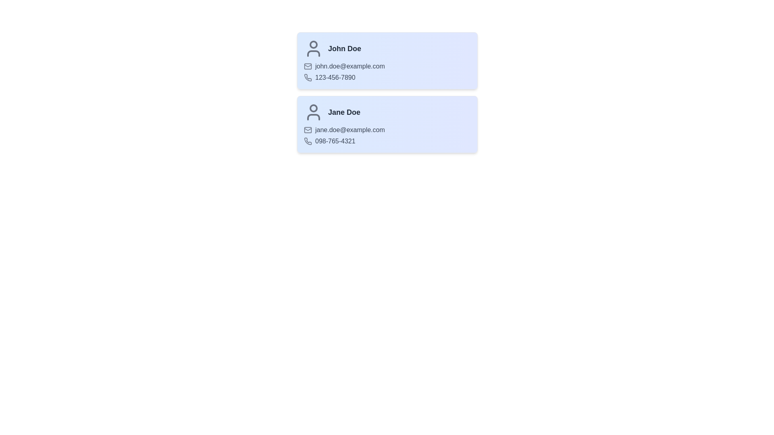  I want to click on the phone icon for Jane Doe, so click(307, 141).